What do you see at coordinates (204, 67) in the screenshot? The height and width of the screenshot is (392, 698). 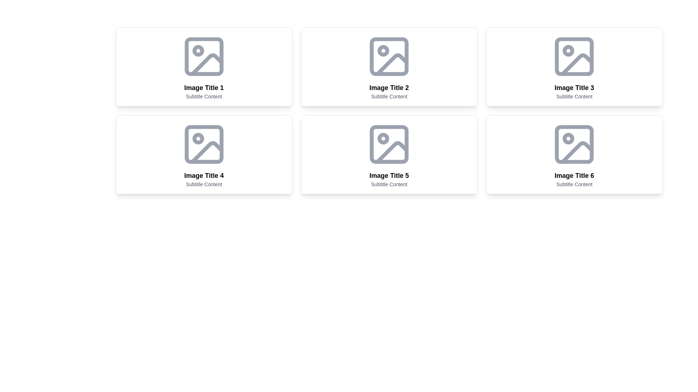 I see `the top-left card in a 3-column grid layout that represents a category or item` at bounding box center [204, 67].